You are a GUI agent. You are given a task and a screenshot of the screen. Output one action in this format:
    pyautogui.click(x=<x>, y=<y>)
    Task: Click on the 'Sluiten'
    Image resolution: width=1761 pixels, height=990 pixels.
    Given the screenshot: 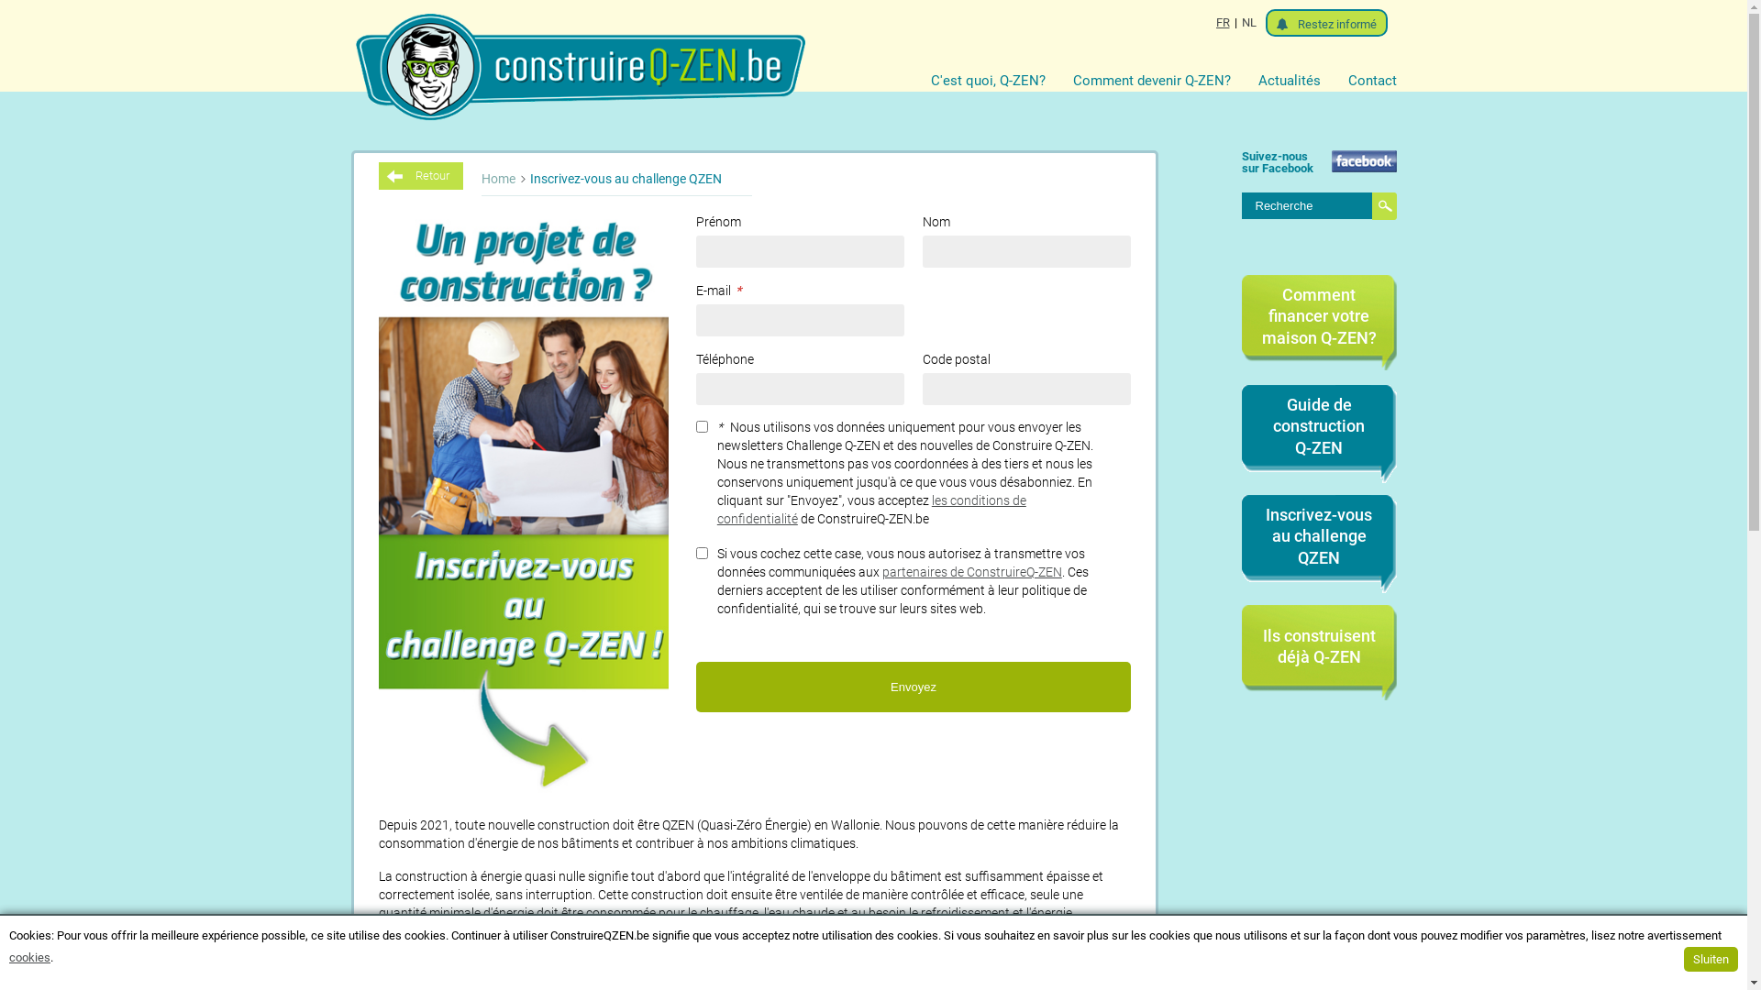 What is the action you would take?
    pyautogui.click(x=1710, y=958)
    